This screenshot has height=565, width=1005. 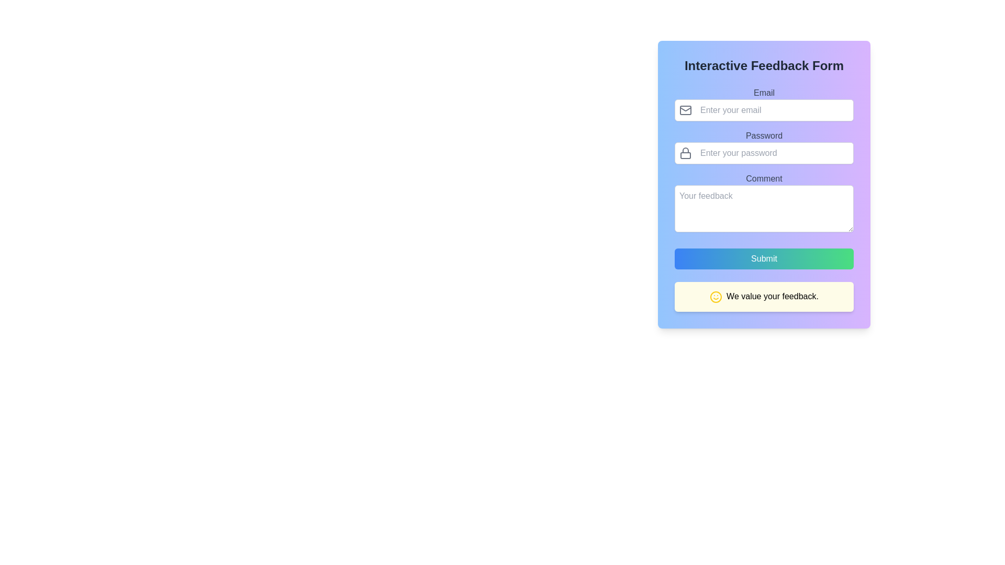 I want to click on the decorative icon located on the left side of the yellow feedback message box at the bottom of the feedback form, so click(x=716, y=297).